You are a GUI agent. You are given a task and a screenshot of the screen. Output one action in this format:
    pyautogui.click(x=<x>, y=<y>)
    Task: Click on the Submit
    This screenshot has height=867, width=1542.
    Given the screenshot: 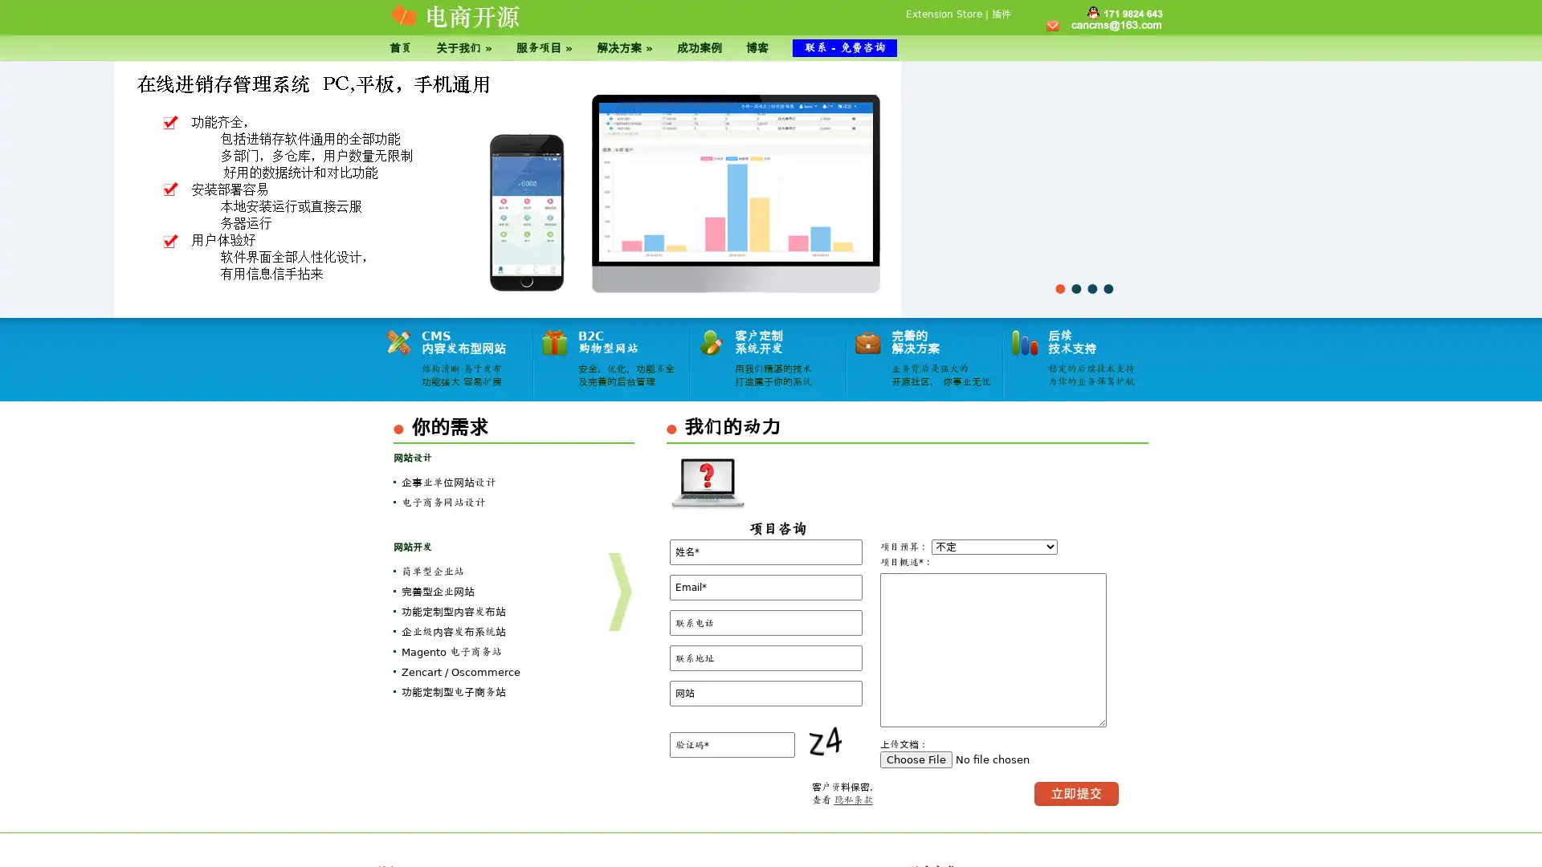 What is the action you would take?
    pyautogui.click(x=1076, y=792)
    